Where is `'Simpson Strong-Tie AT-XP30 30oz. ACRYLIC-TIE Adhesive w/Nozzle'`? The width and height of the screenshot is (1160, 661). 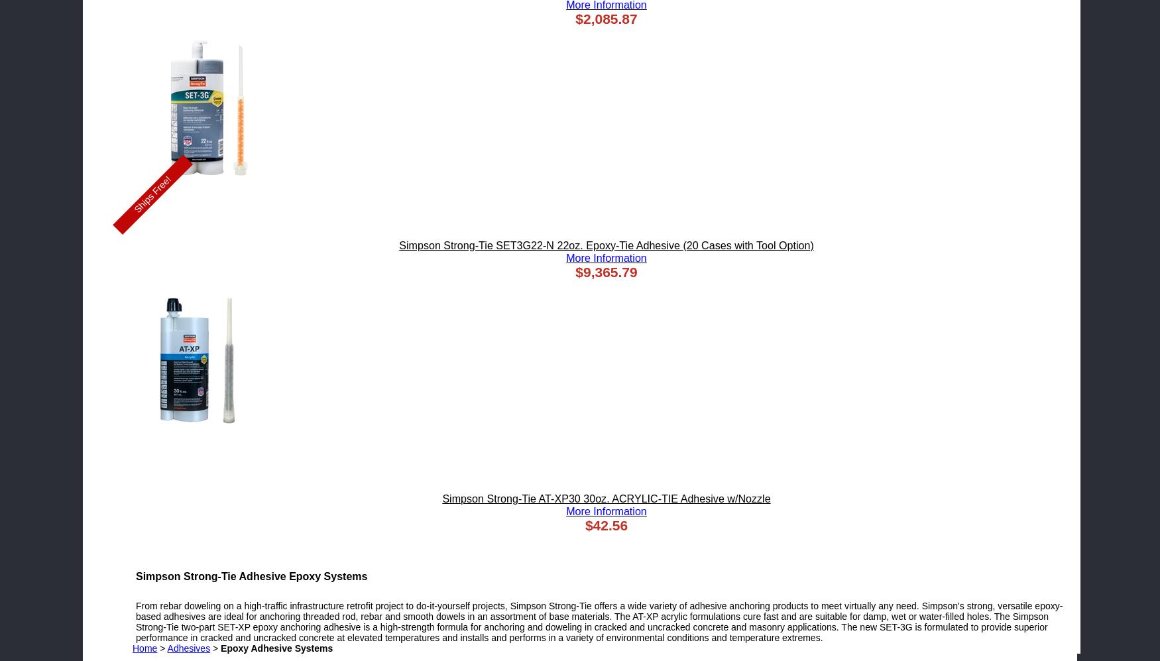
'Simpson Strong-Tie AT-XP30 30oz. ACRYLIC-TIE Adhesive w/Nozzle' is located at coordinates (605, 498).